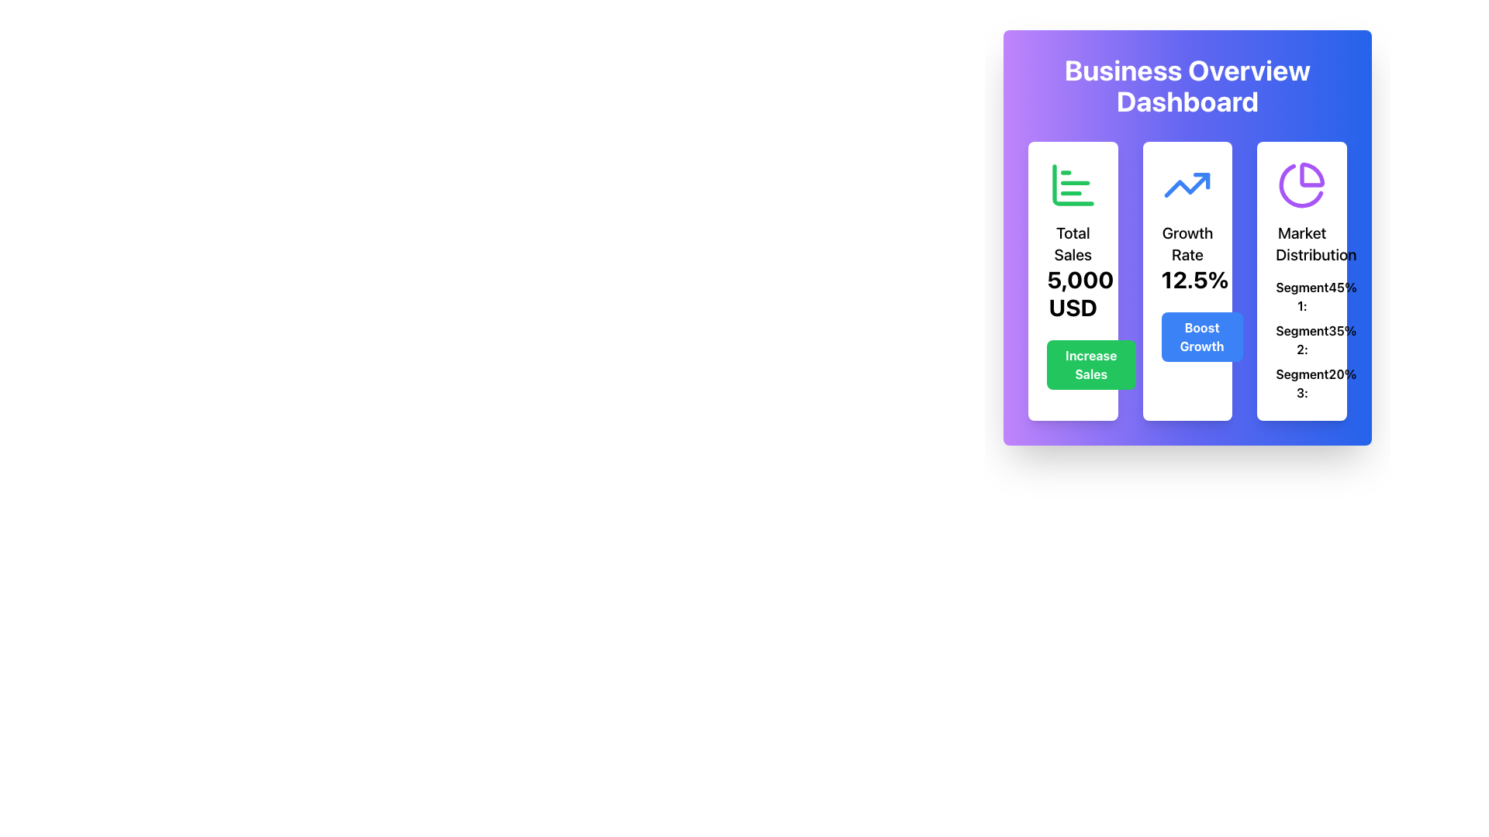 The width and height of the screenshot is (1489, 837). Describe the element at coordinates (1072, 184) in the screenshot. I see `the green bar chart icon located in the 'Total Sales' card section on the dashboard, positioned above the text 'Total Sales' and the button 'Increase Sales'` at that location.